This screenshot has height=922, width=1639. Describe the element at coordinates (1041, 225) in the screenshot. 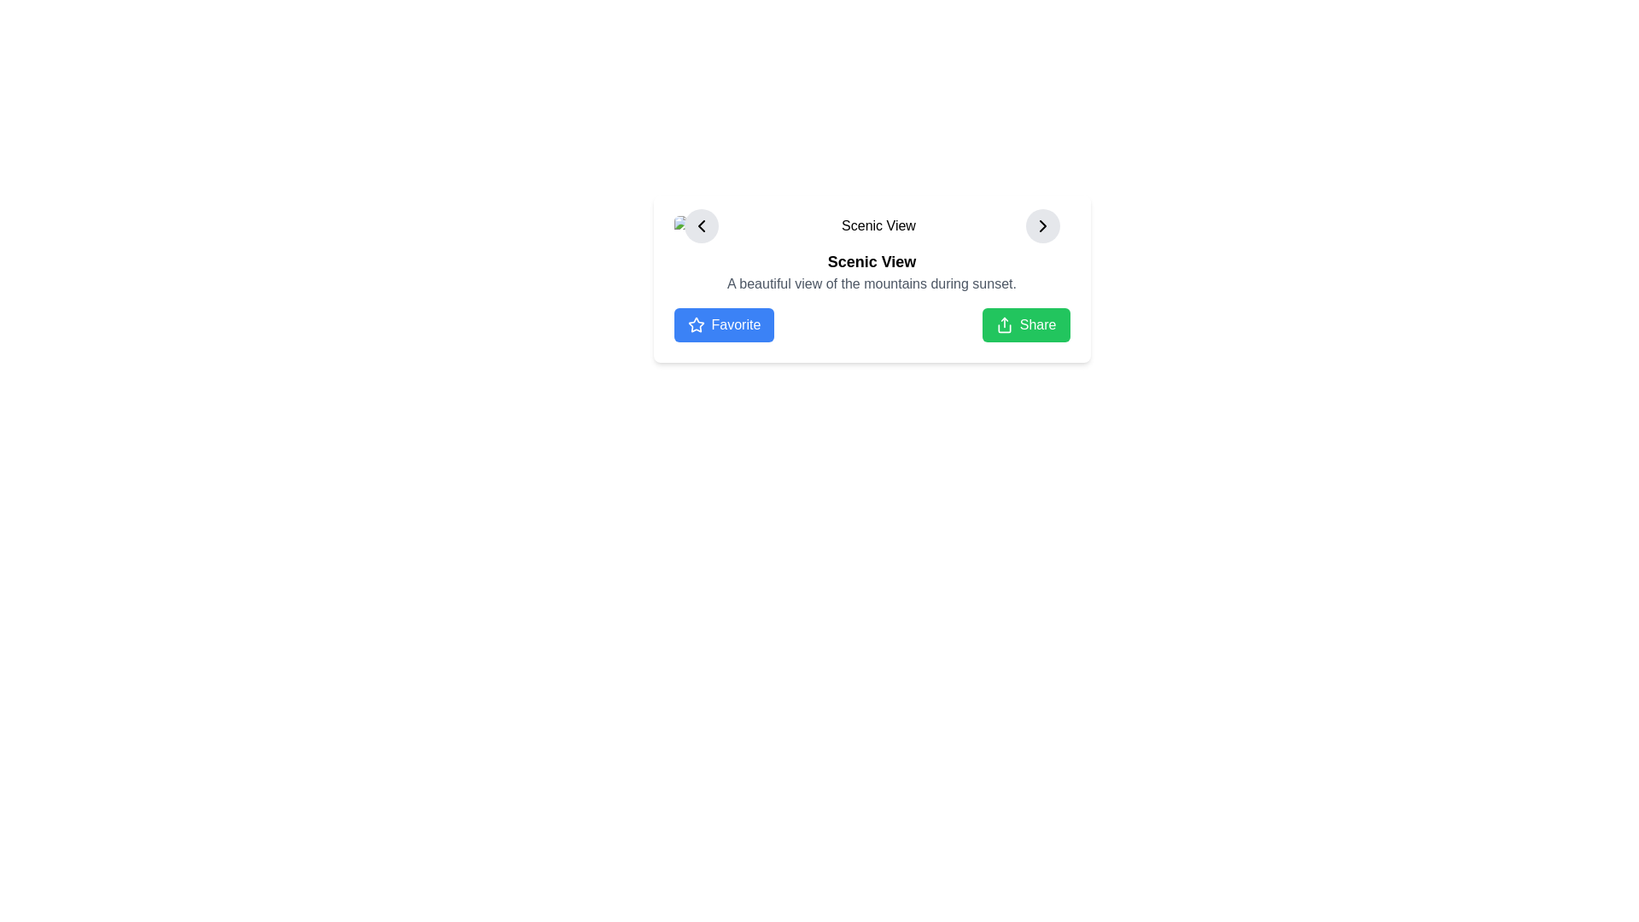

I see `the circular navigation button located at the far right of the card header area` at that location.